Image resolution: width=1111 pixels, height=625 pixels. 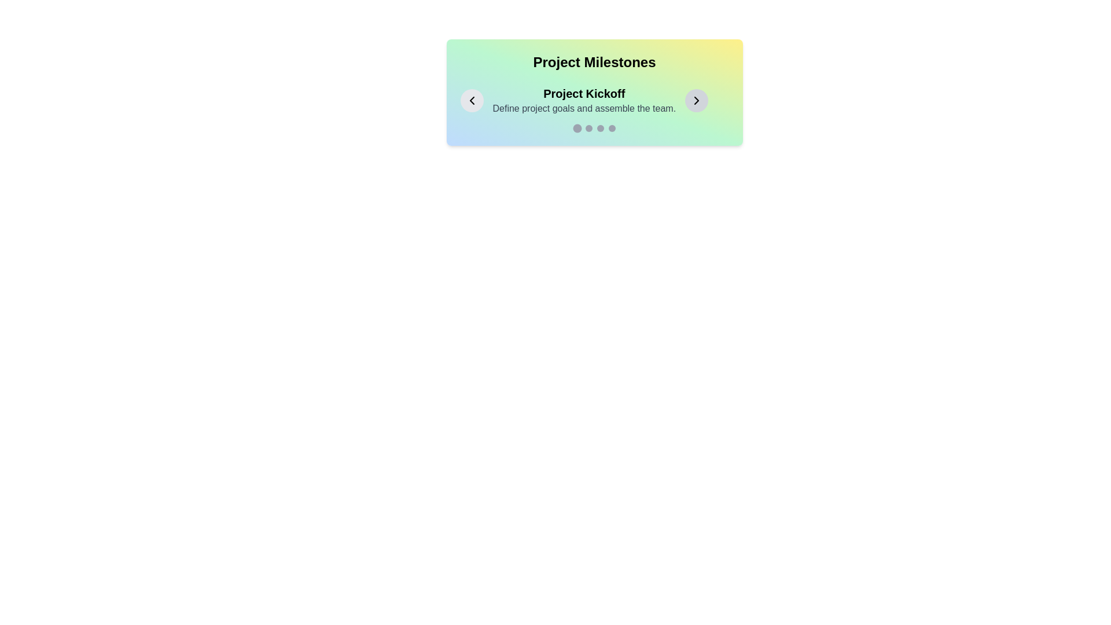 I want to click on the right-facing Chevron icon button located on the far right side of the horizontal navigation interface, so click(x=696, y=100).